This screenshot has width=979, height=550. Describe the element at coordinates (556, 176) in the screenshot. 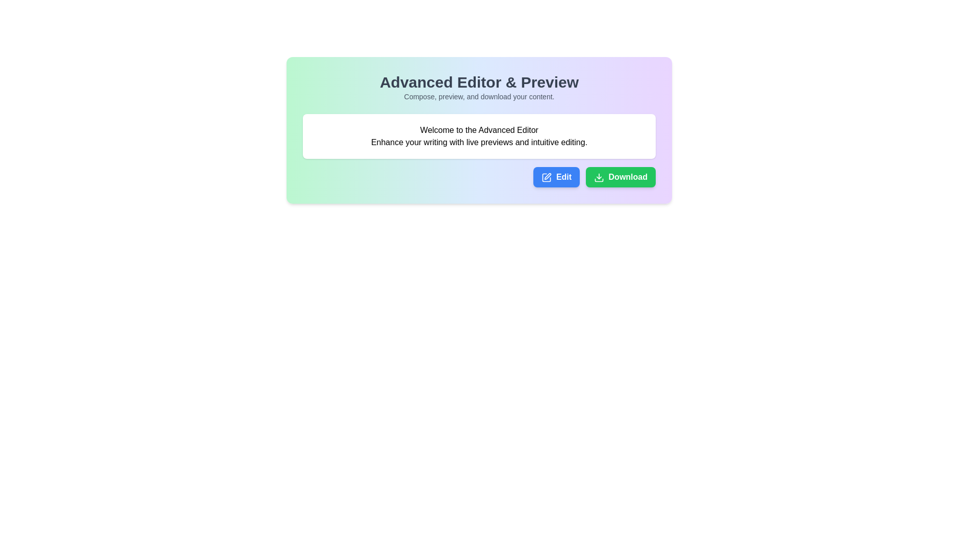

I see `the blue 'Edit' button with white text and a pencil icon, located to the left of the 'Download' button` at that location.